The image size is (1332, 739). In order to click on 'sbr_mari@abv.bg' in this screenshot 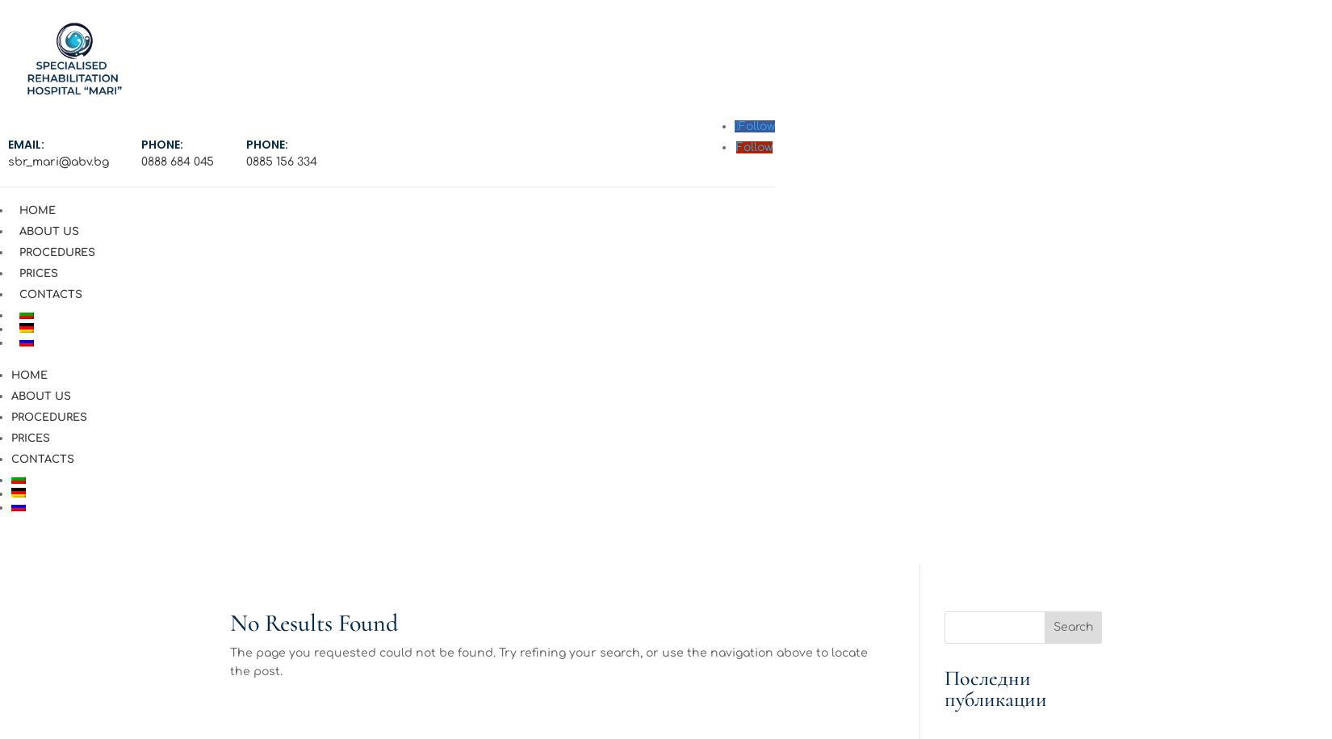, I will do `click(58, 161)`.